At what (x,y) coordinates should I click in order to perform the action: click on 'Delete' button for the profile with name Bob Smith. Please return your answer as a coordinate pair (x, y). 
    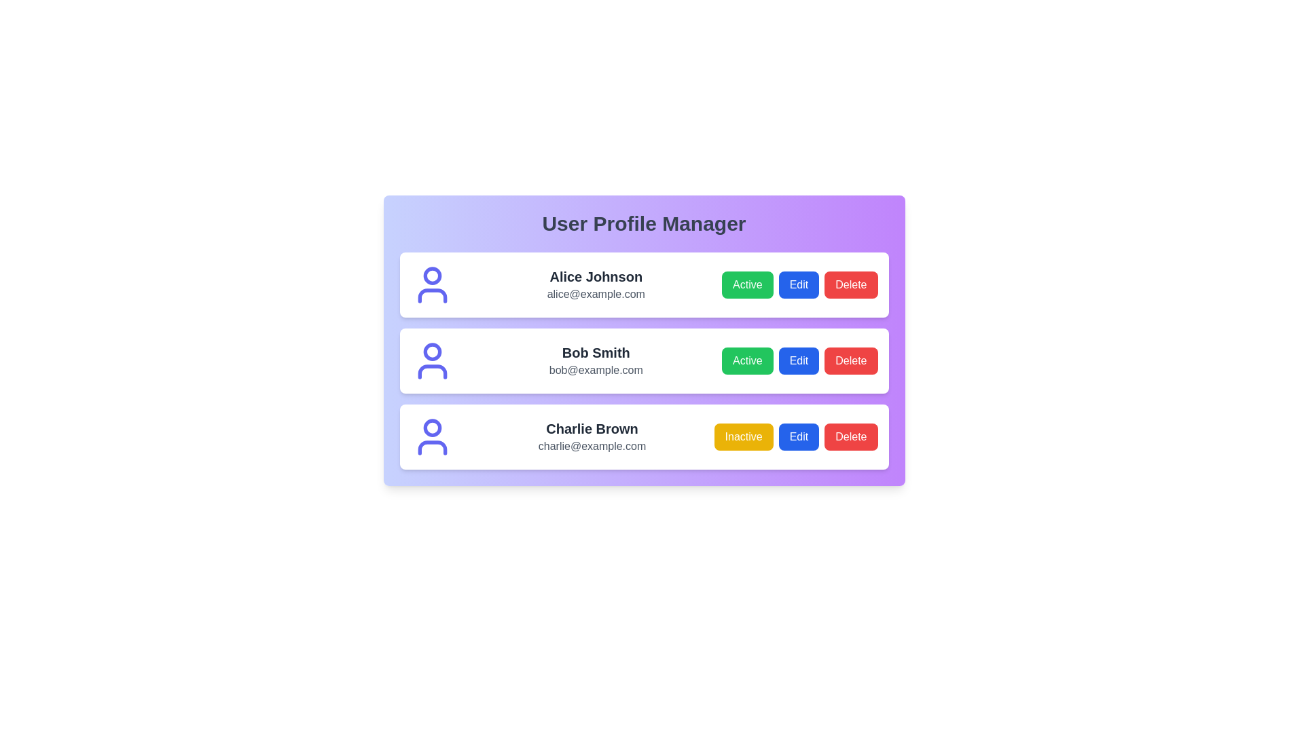
    Looking at the image, I should click on (850, 360).